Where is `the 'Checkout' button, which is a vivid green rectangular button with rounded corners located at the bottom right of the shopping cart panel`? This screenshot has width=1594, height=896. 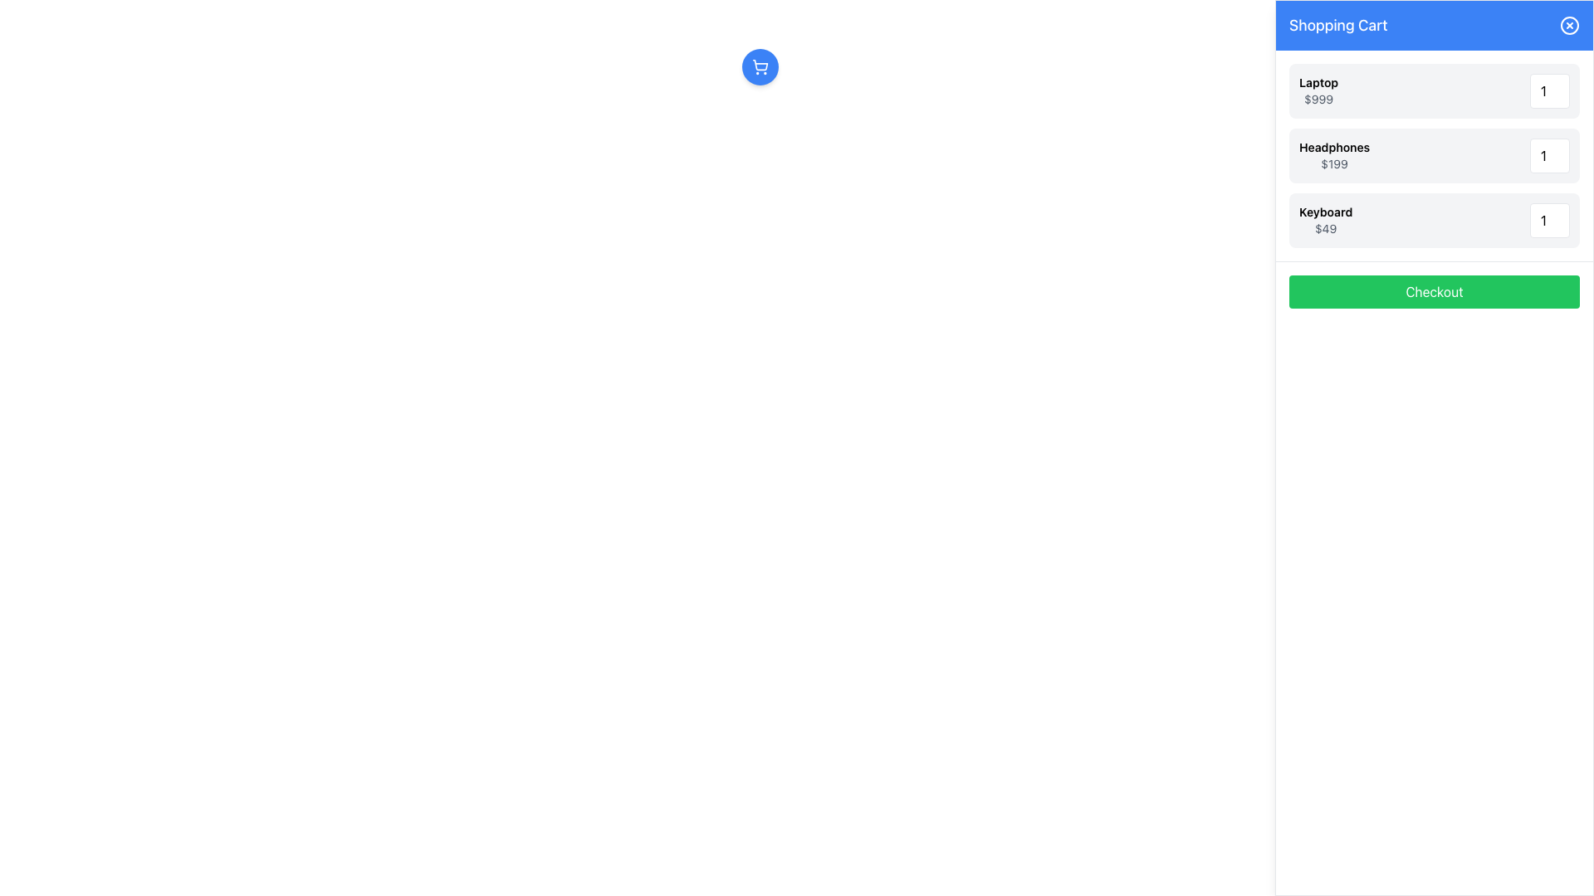
the 'Checkout' button, which is a vivid green rectangular button with rounded corners located at the bottom right of the shopping cart panel is located at coordinates (1434, 290).